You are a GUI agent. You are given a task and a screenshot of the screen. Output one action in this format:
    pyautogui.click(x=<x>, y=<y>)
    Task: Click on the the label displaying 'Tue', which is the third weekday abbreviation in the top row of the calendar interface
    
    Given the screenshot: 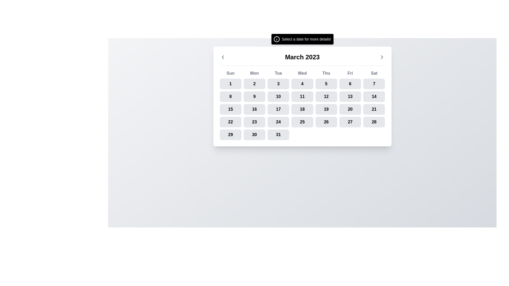 What is the action you would take?
    pyautogui.click(x=278, y=73)
    